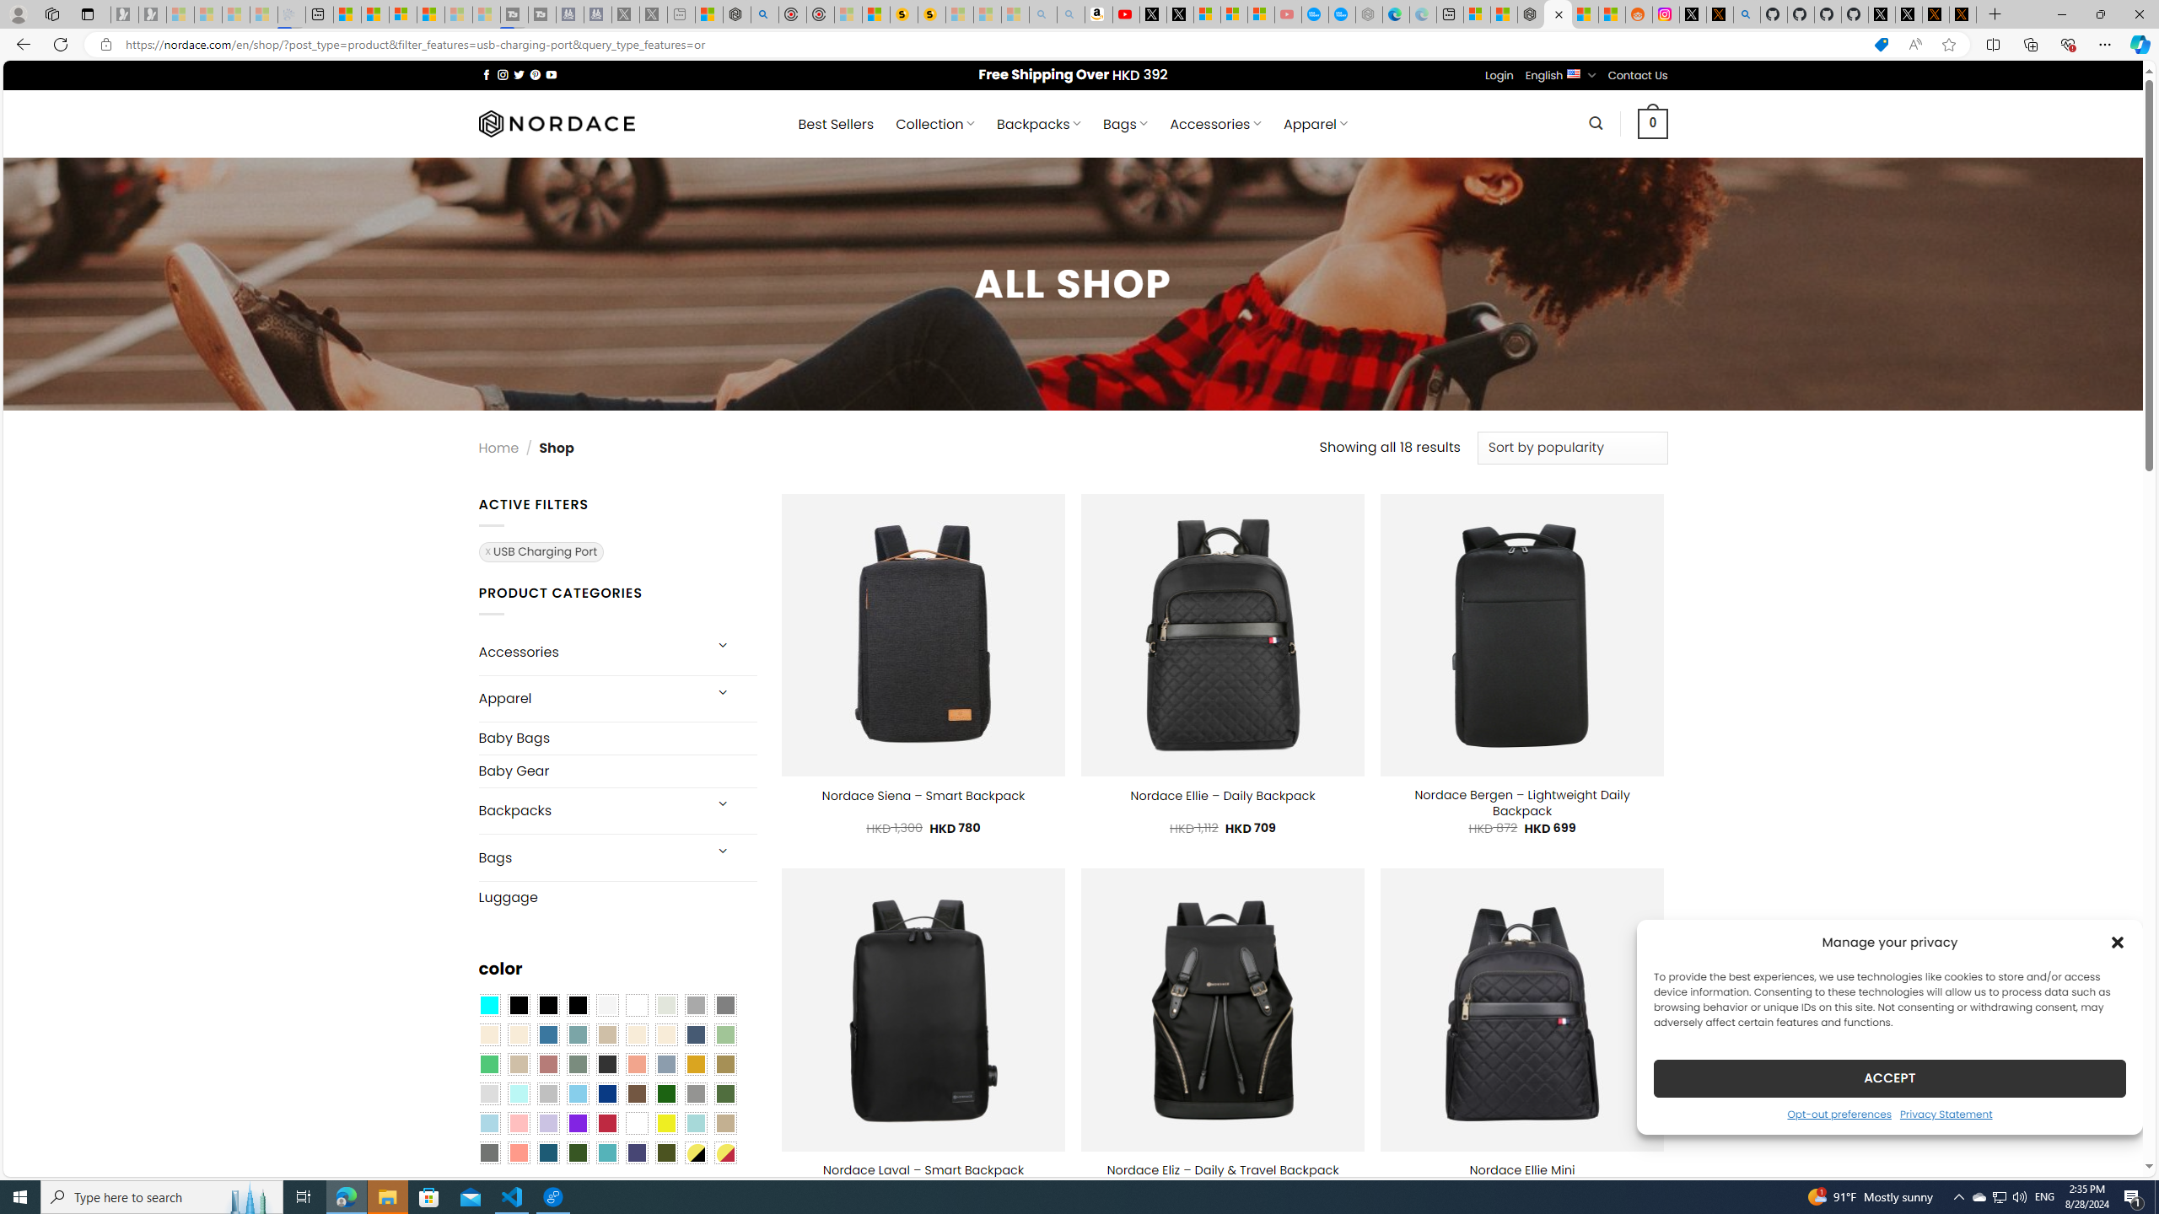 The height and width of the screenshot is (1214, 2159). What do you see at coordinates (725, 1123) in the screenshot?
I see `'Khaki'` at bounding box center [725, 1123].